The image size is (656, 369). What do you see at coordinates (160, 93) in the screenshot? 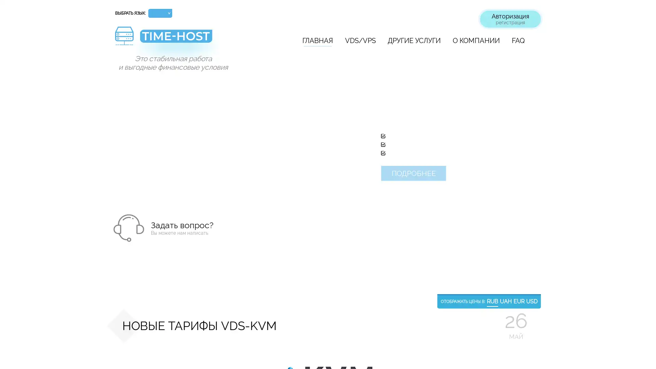
I see `ar AR` at bounding box center [160, 93].